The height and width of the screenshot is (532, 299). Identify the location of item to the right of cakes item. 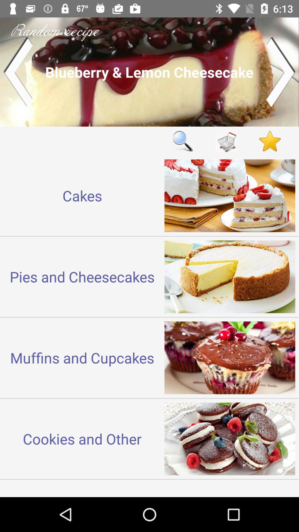
(182, 141).